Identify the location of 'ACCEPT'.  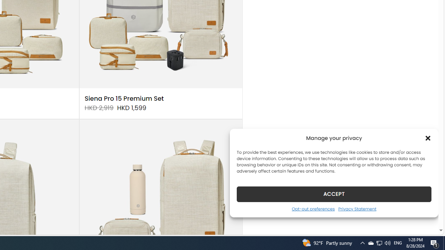
(334, 194).